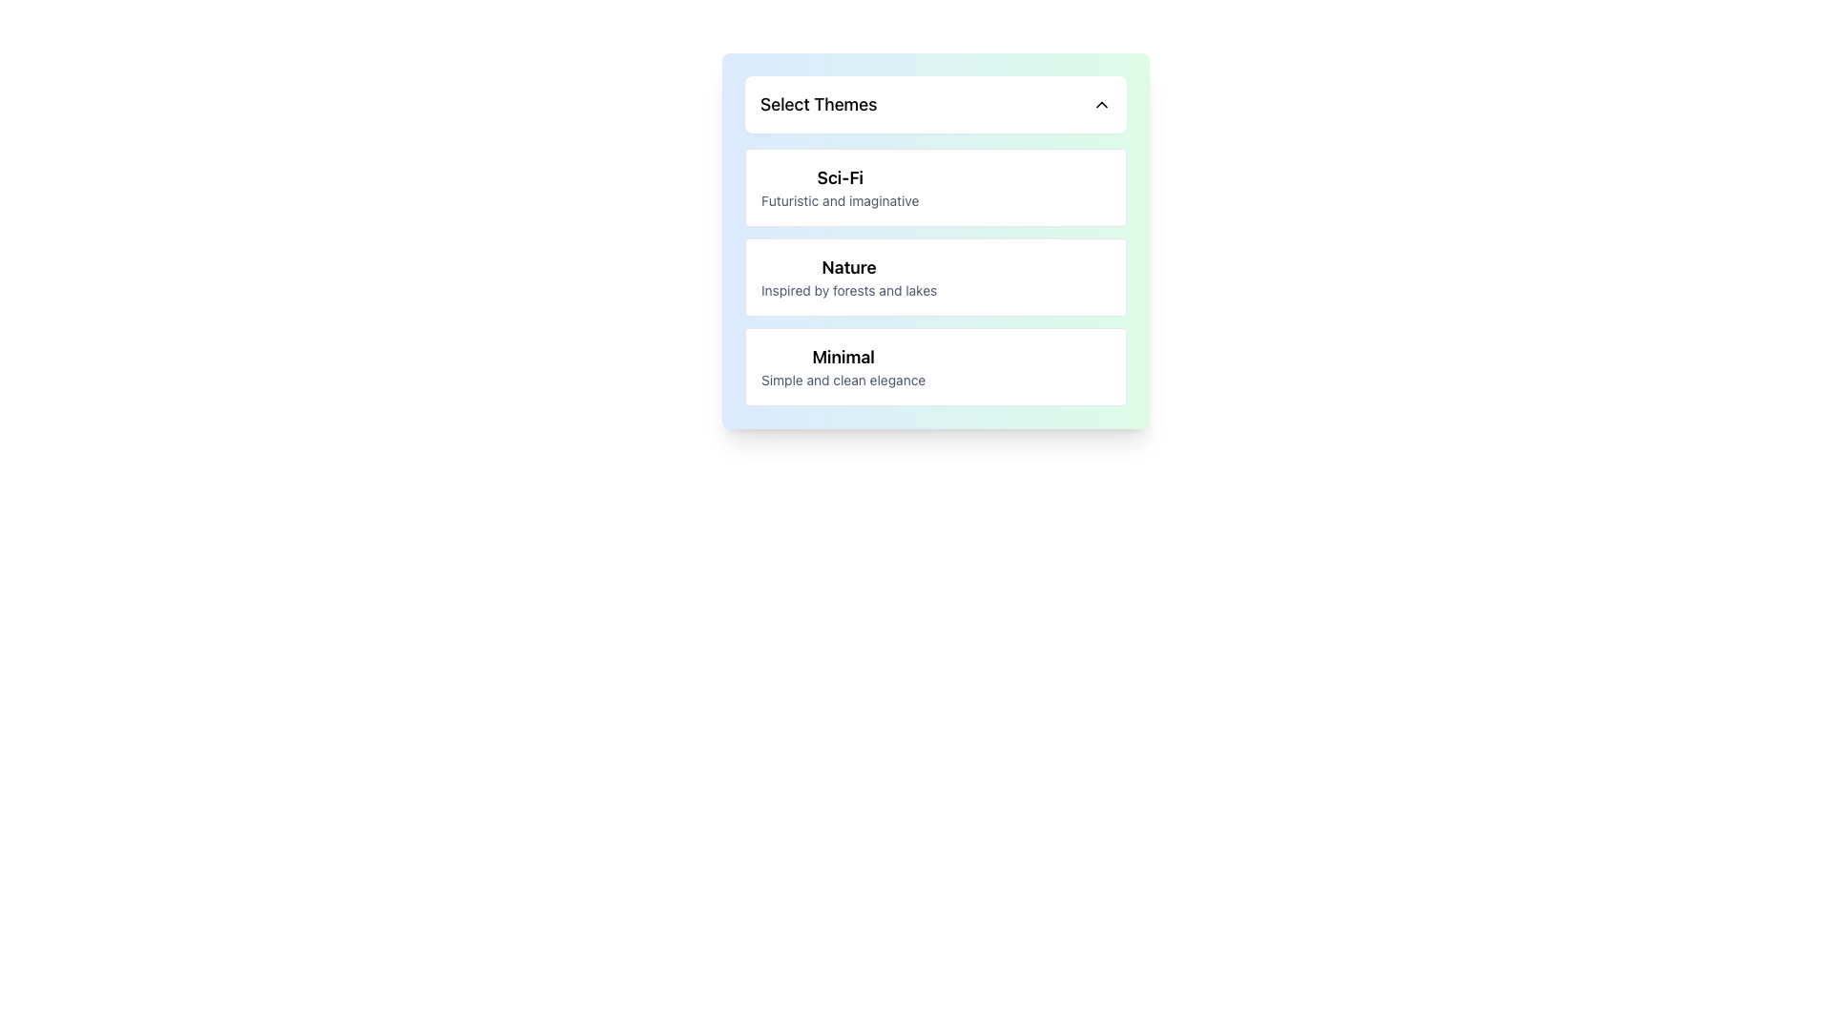 This screenshot has width=1832, height=1030. I want to click on the bold and large text 'Minimal' which is the header for the third item in the list under 'Select Themes', so click(842, 357).